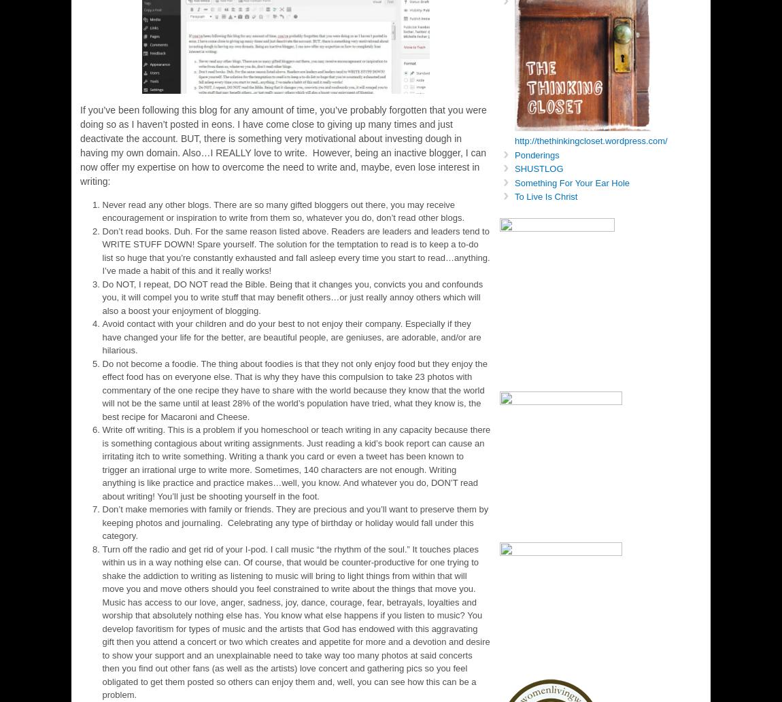 This screenshot has width=782, height=702. What do you see at coordinates (296, 461) in the screenshot?
I see `'Write off writing. This is a problem if you homeschool or teach writing in any capacity because there is something contagious about writing assignments. Just reading a kid’s book report can cause an irritating itch to write something. Writing a thank you card or even a tweet has been known to trigger an irrational urge to write more. Sometimes, 140 characters are not enough. Writing anything is like practice and practice makes…well, you know. And whatever you do, DON’T read about writing! You’ll just be shooting yourself in the foot.'` at bounding box center [296, 461].